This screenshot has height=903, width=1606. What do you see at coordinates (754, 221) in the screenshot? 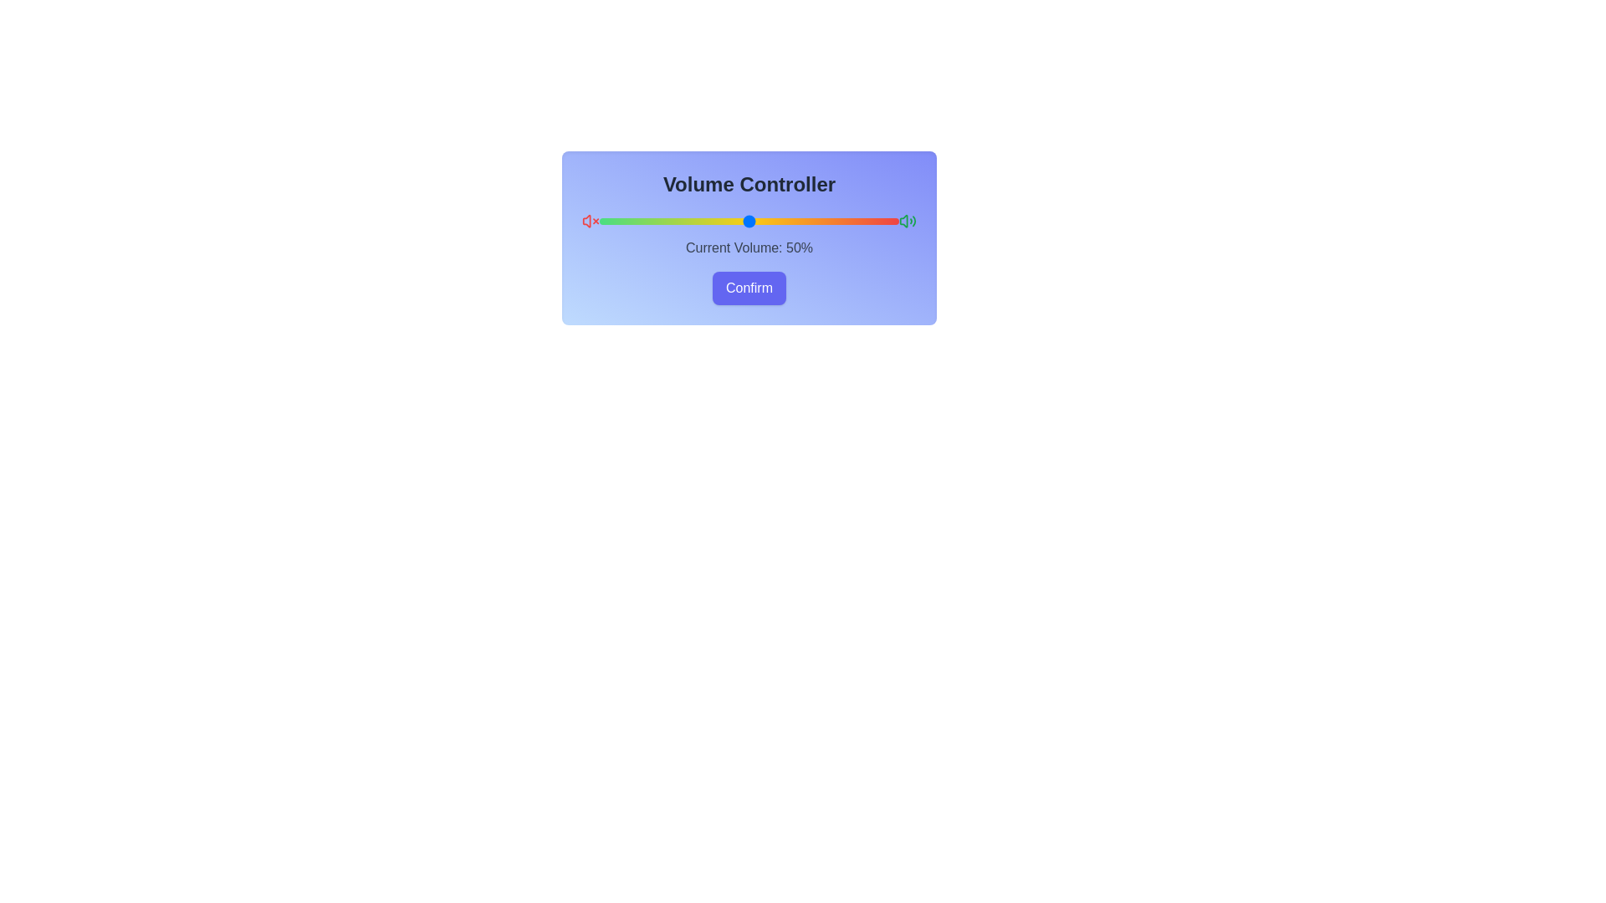
I see `the volume slider to set the volume to 52%` at bounding box center [754, 221].